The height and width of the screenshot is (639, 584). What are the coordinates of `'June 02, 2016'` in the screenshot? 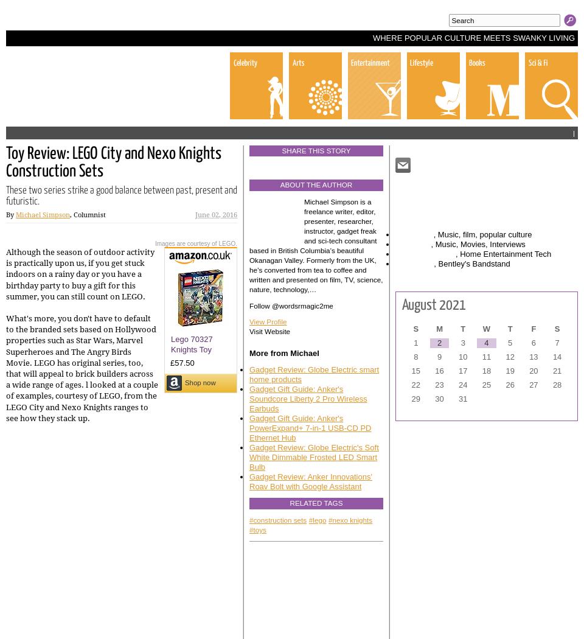 It's located at (195, 214).